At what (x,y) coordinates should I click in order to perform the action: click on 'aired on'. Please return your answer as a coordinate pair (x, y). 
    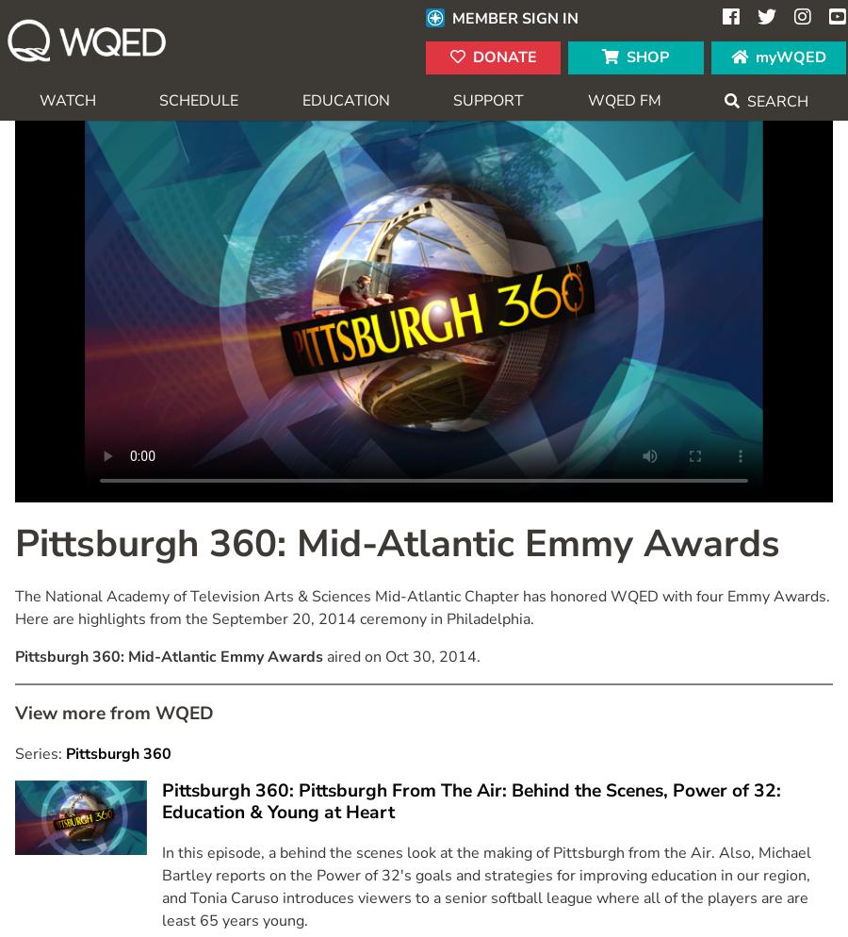
    Looking at the image, I should click on (354, 654).